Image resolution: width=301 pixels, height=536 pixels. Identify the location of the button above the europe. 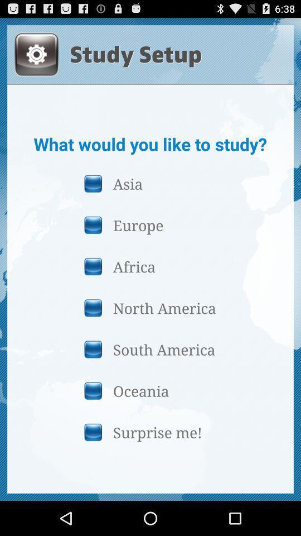
(150, 183).